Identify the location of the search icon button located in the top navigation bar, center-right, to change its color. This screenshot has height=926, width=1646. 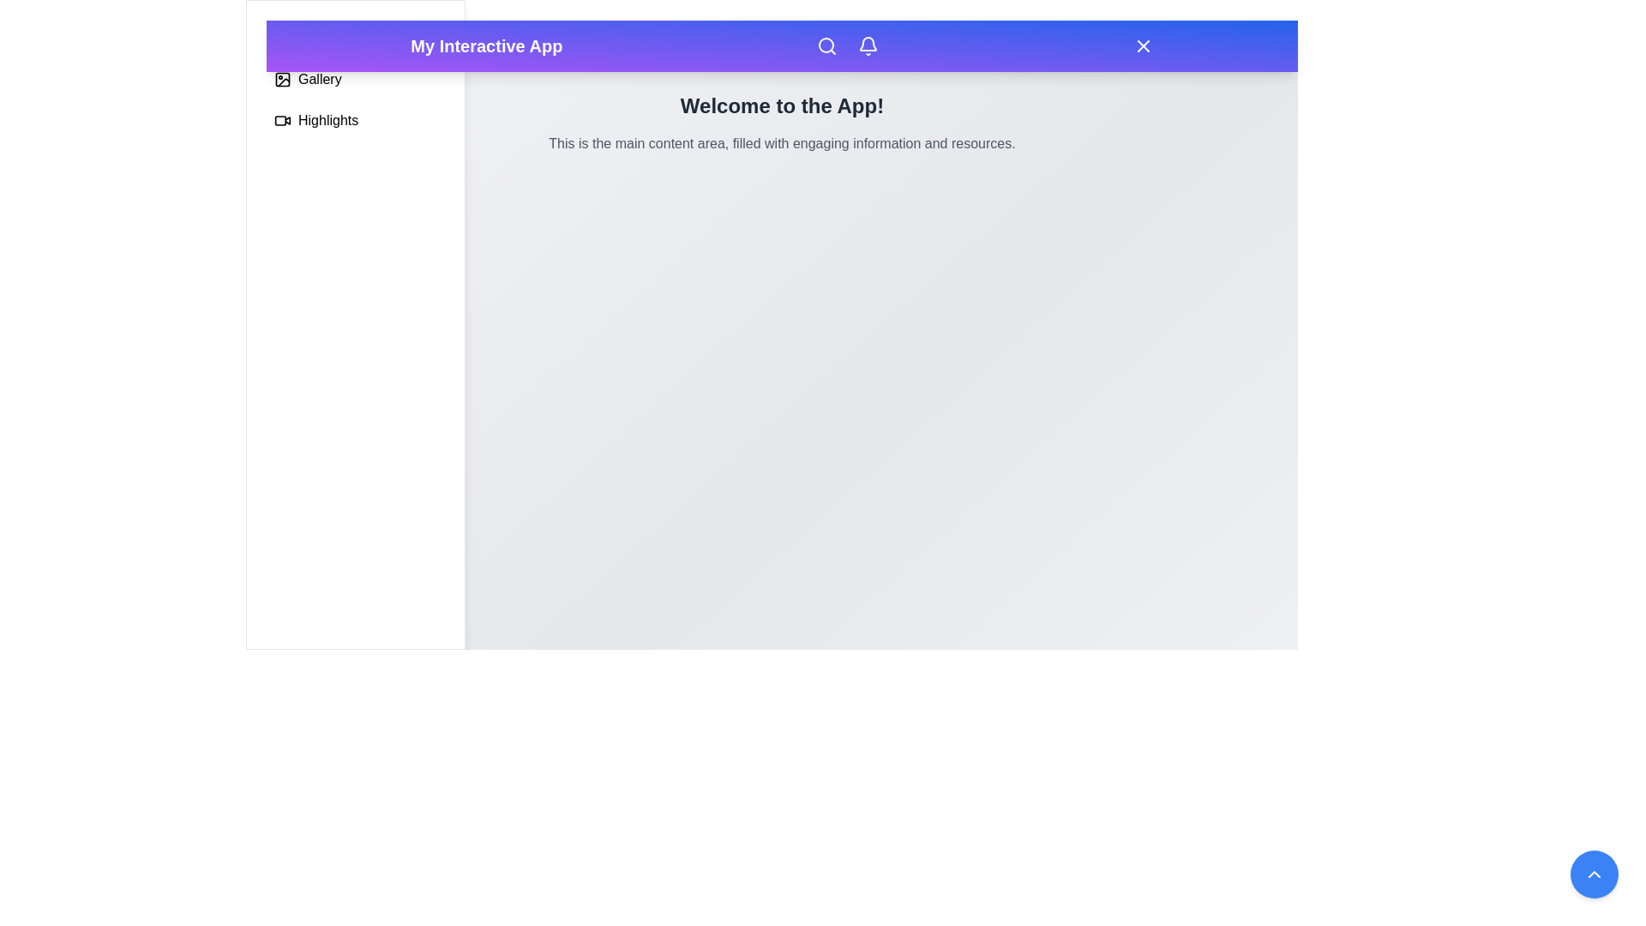
(826, 45).